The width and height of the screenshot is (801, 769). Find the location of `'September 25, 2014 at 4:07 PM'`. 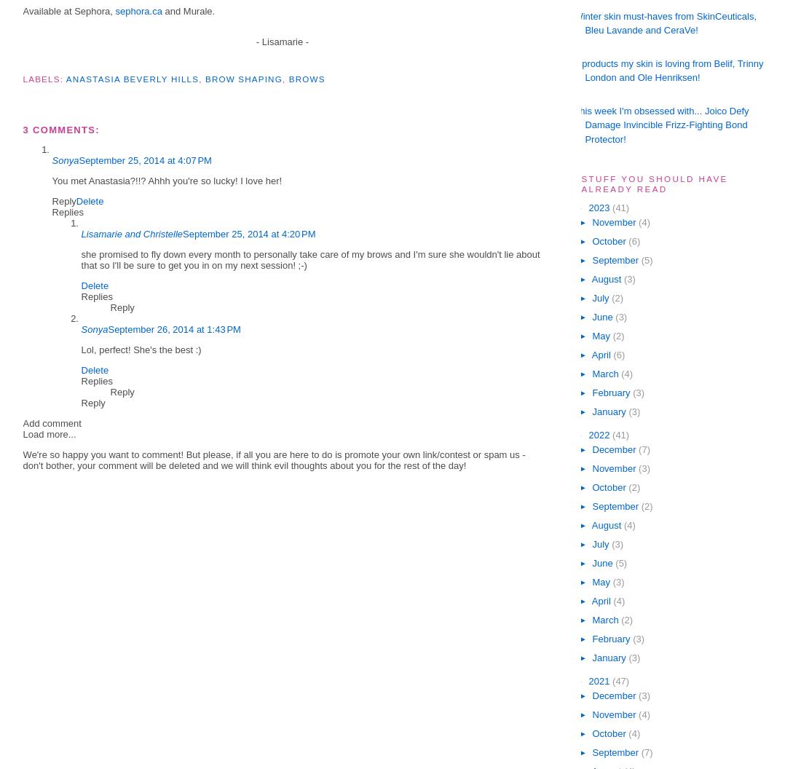

'September 25, 2014 at 4:07 PM' is located at coordinates (143, 159).